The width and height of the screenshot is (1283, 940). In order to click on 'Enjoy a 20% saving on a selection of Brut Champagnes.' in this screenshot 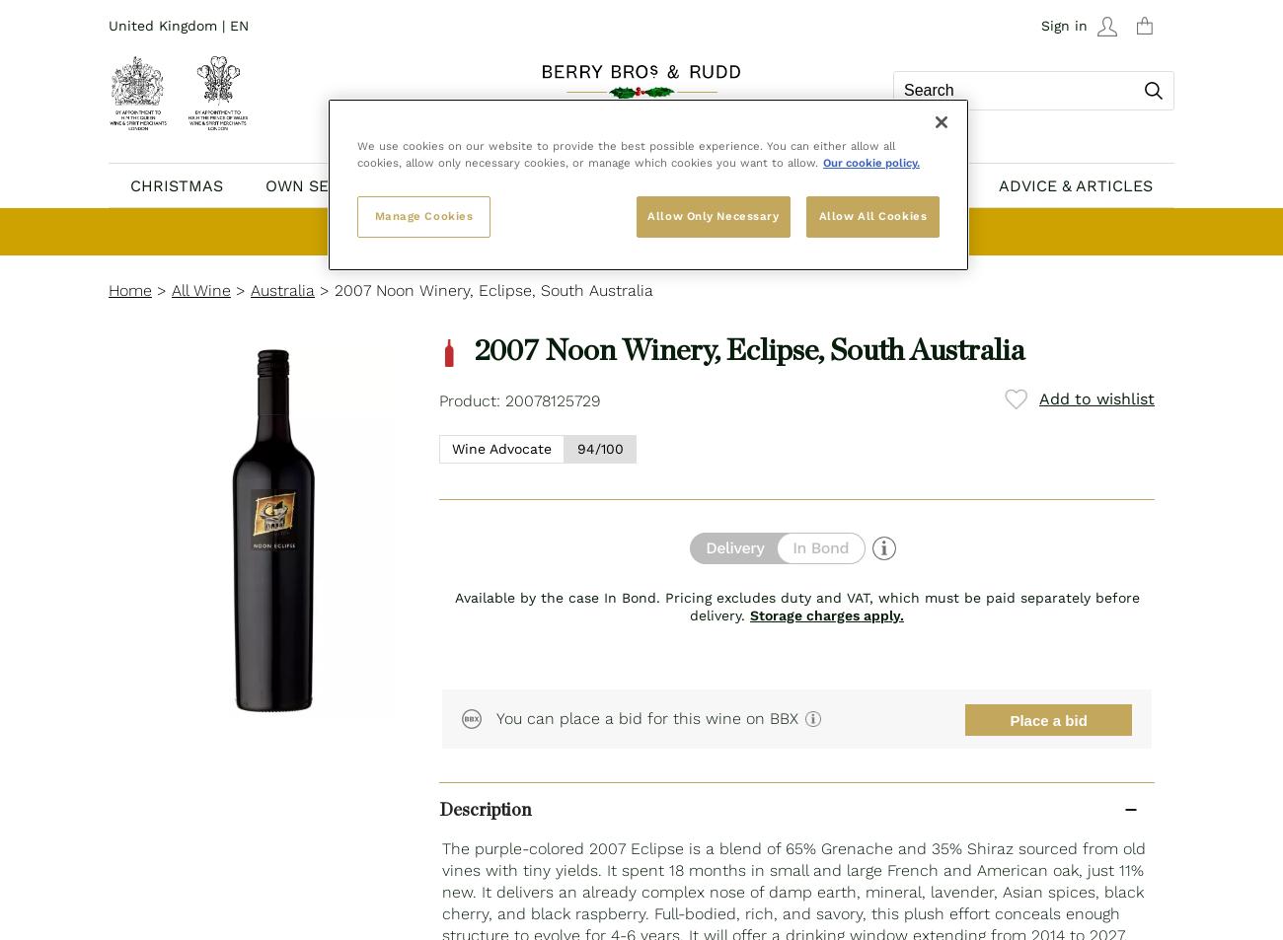, I will do `click(600, 231)`.